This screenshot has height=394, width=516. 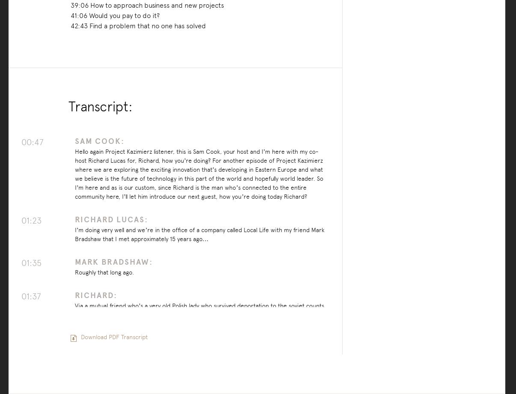 I want to click on '00:47', so click(x=21, y=142).